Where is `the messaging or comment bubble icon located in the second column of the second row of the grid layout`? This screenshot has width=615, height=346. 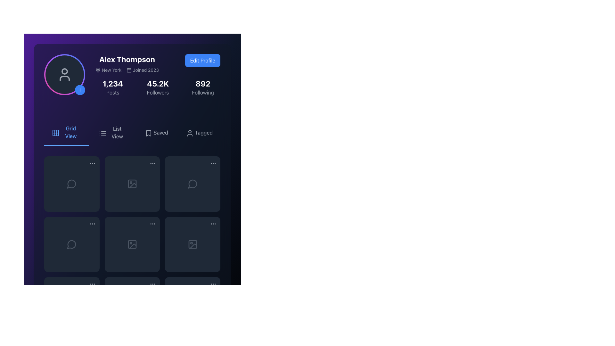
the messaging or comment bubble icon located in the second column of the second row of the grid layout is located at coordinates (192, 184).